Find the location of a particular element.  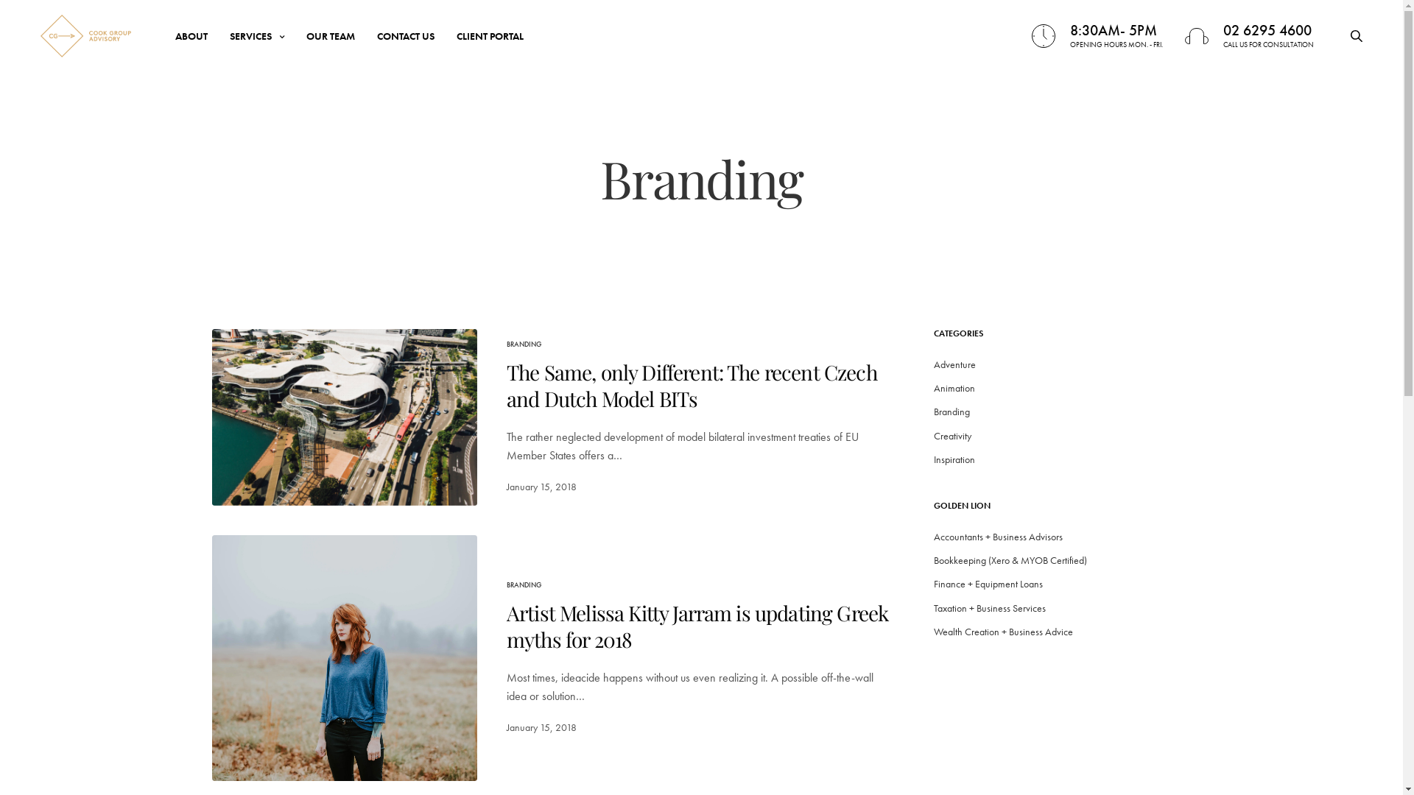

'CLIENT PORTAL' is located at coordinates (490, 35).